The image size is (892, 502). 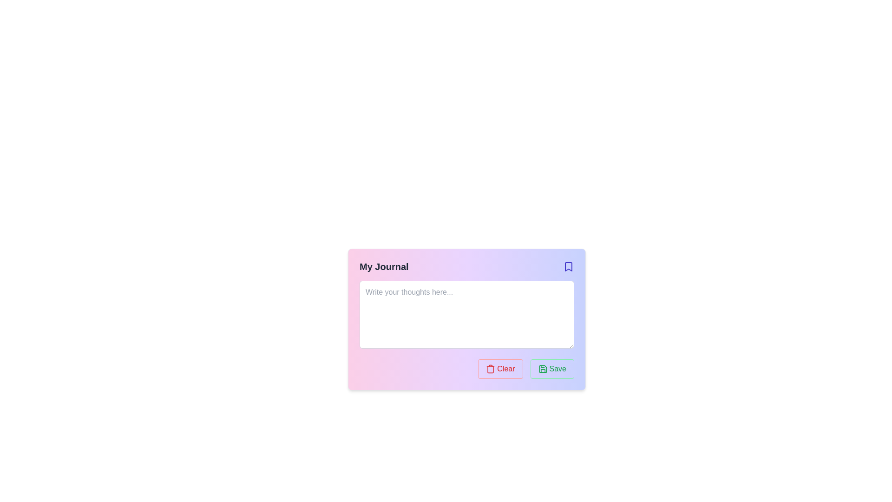 What do you see at coordinates (552, 369) in the screenshot?
I see `the 'Save' button located at the bottom right corner of the card interface, which features a save disk icon and the text label 'Save'` at bounding box center [552, 369].